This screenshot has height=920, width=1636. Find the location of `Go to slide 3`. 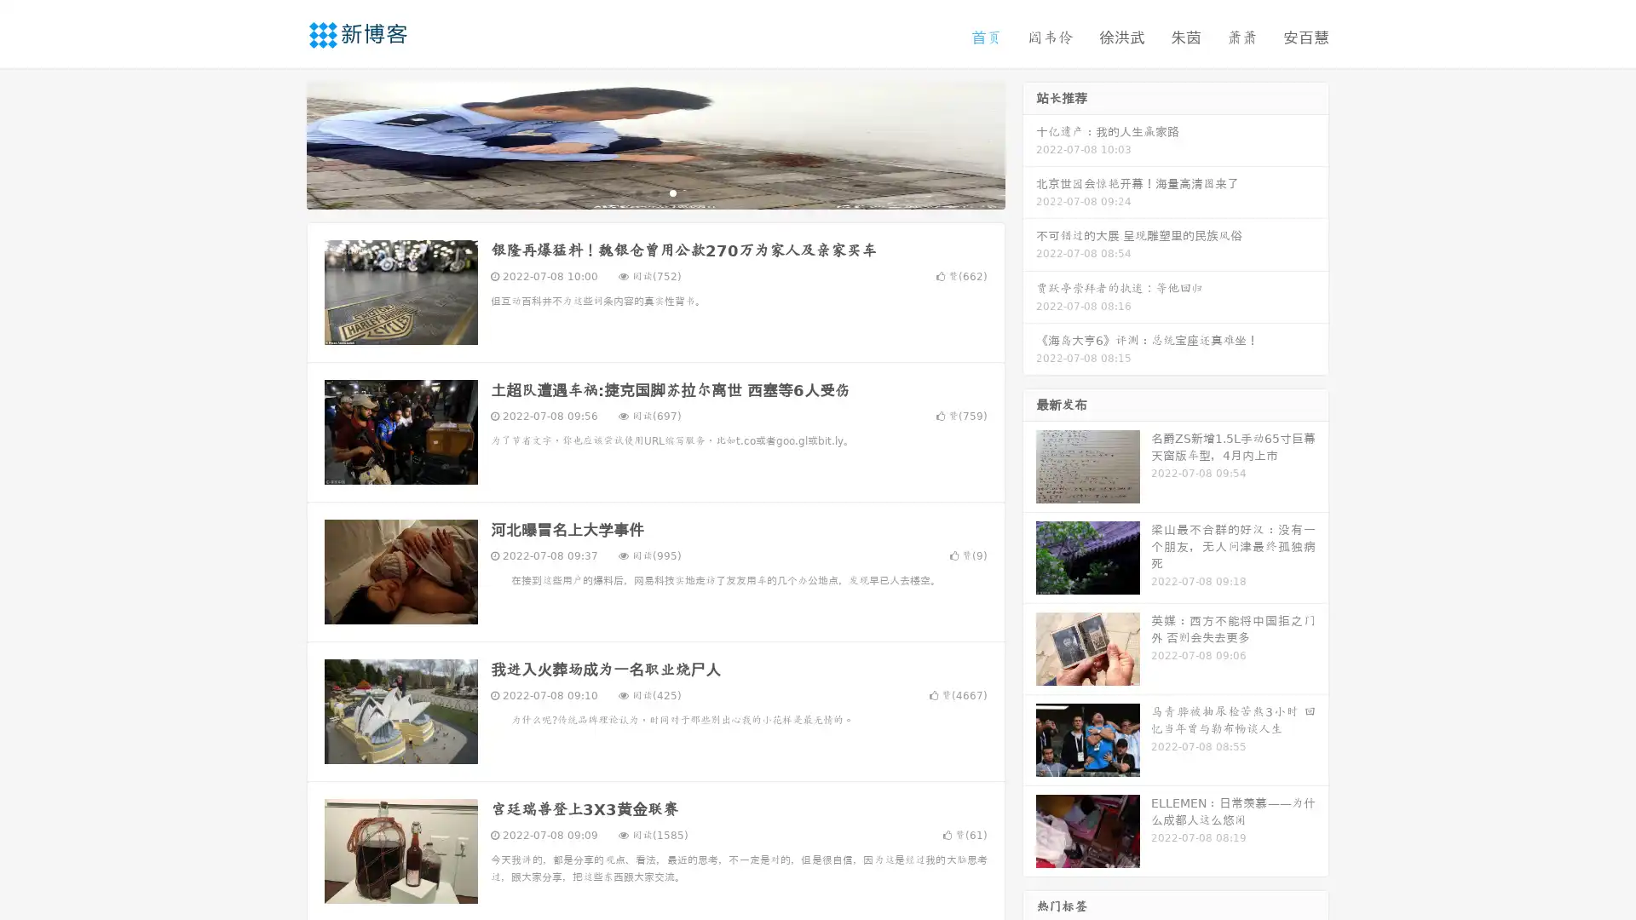

Go to slide 3 is located at coordinates (672, 192).